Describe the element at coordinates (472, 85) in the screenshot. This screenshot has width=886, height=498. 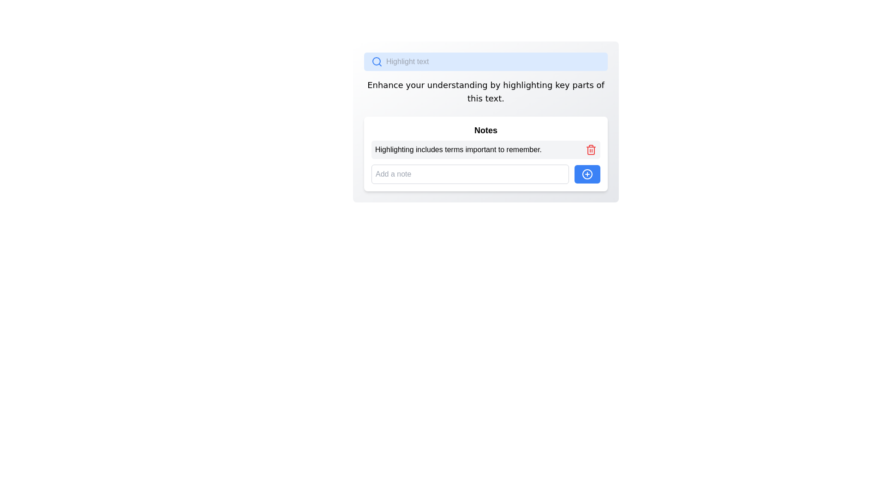
I see `the lowercase 'd' character rendered in black font, which is the 39th character in the sentence 'Enhance your understanding by highlighting key parts of this text.'` at that location.